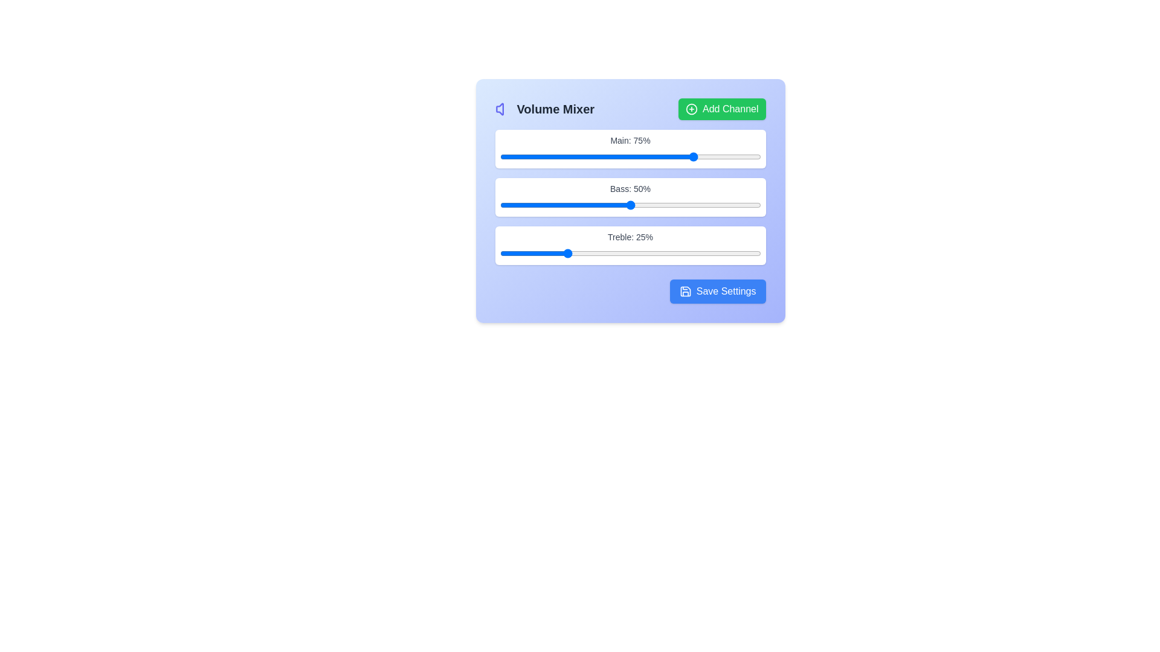  Describe the element at coordinates (726, 253) in the screenshot. I see `treble` at that location.